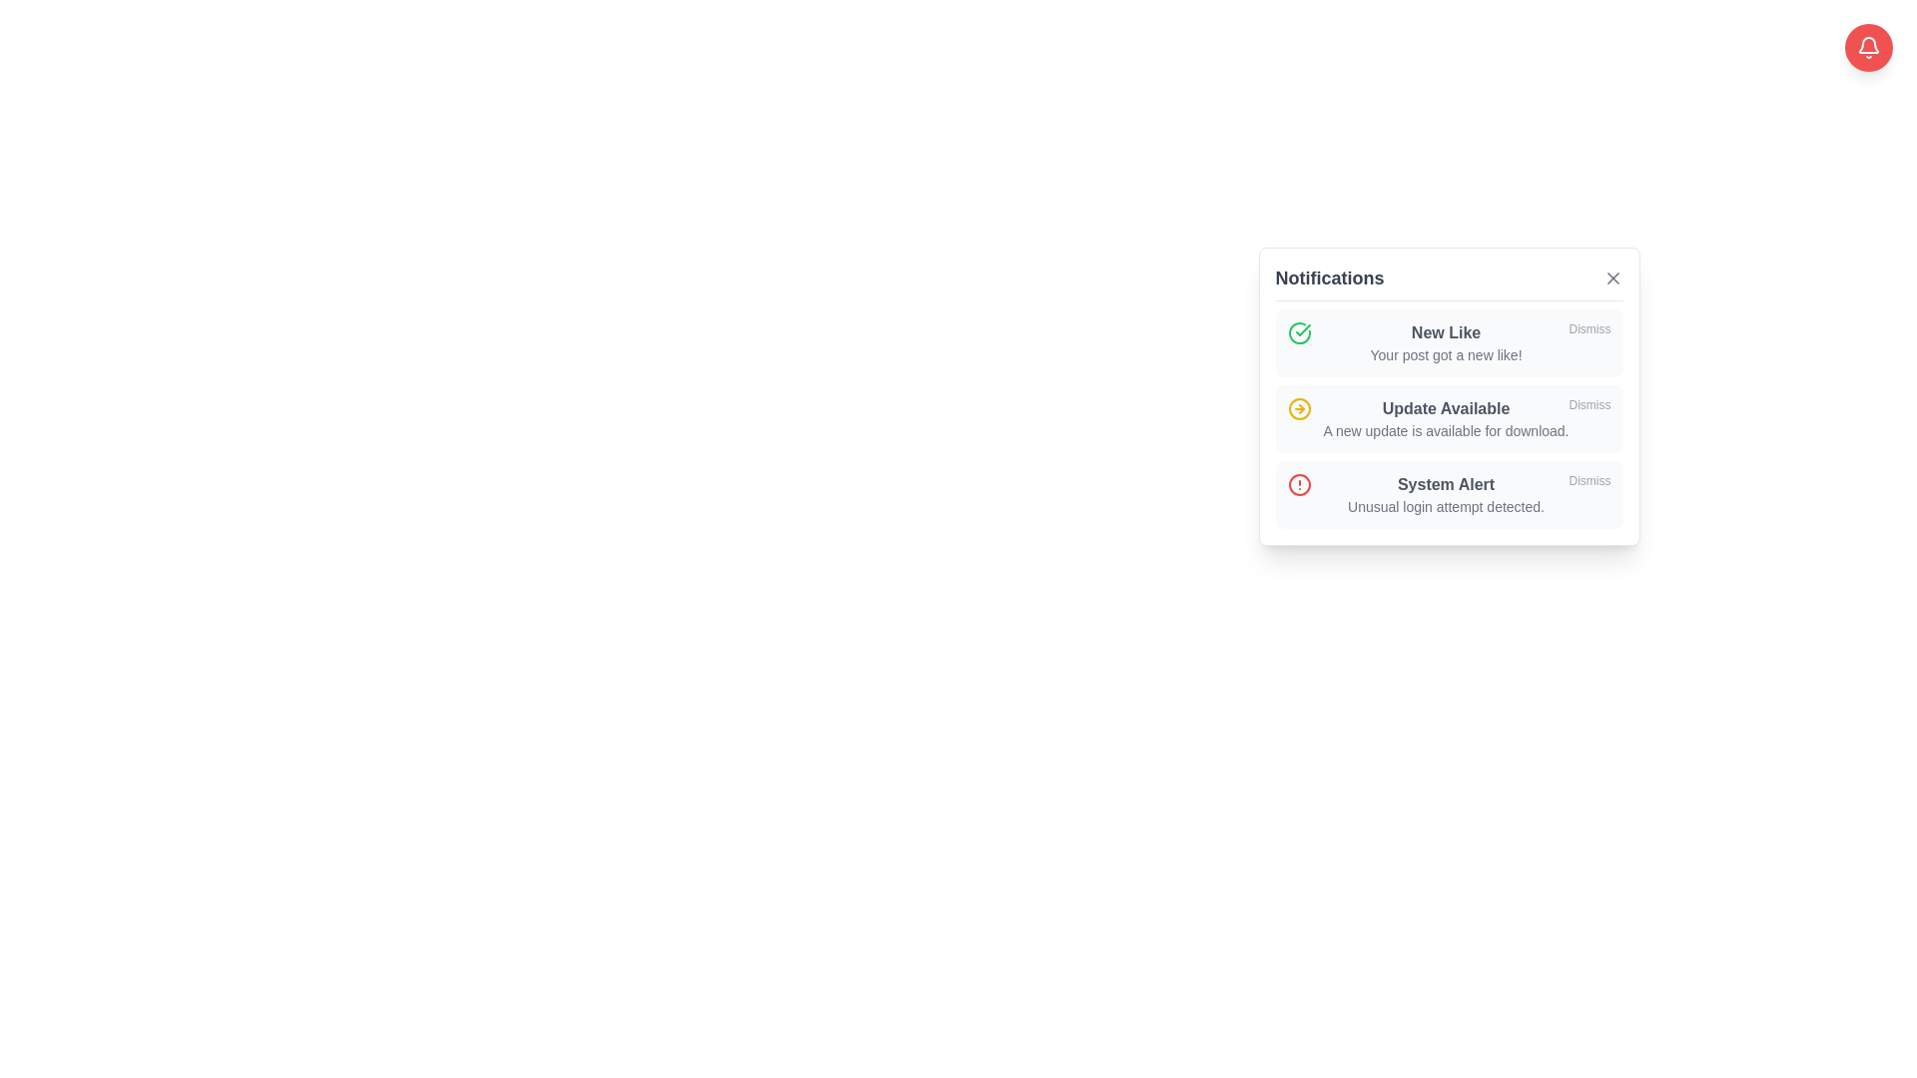 The height and width of the screenshot is (1078, 1917). Describe the element at coordinates (1612, 277) in the screenshot. I see `the close button represented by an 'X' icon in the upper-right corner of the notification panel` at that location.